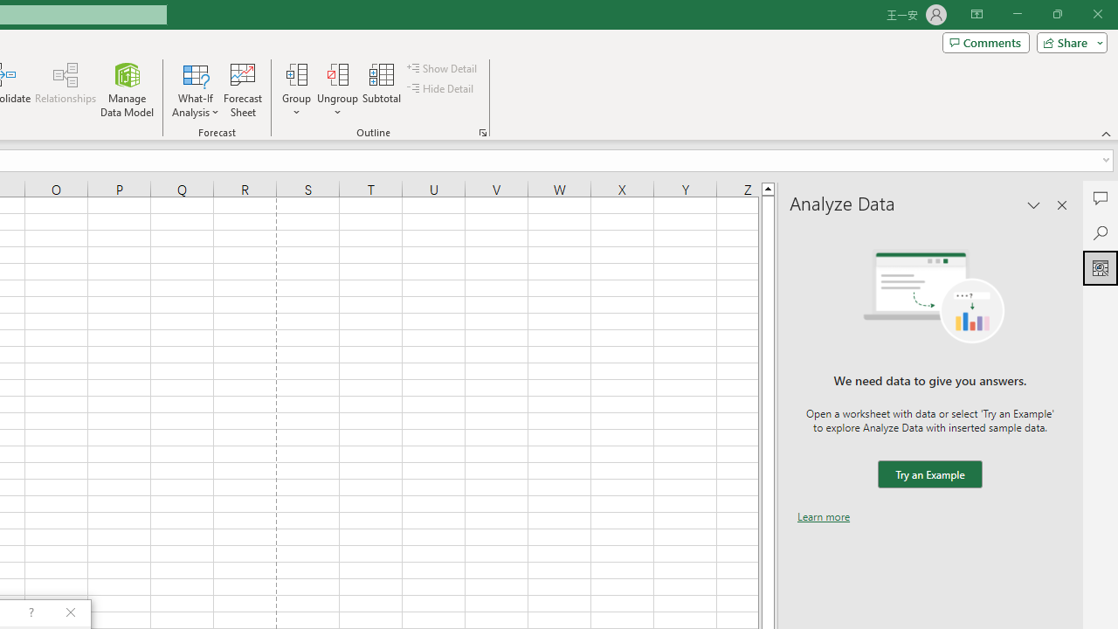  I want to click on 'Line up', so click(768, 188).